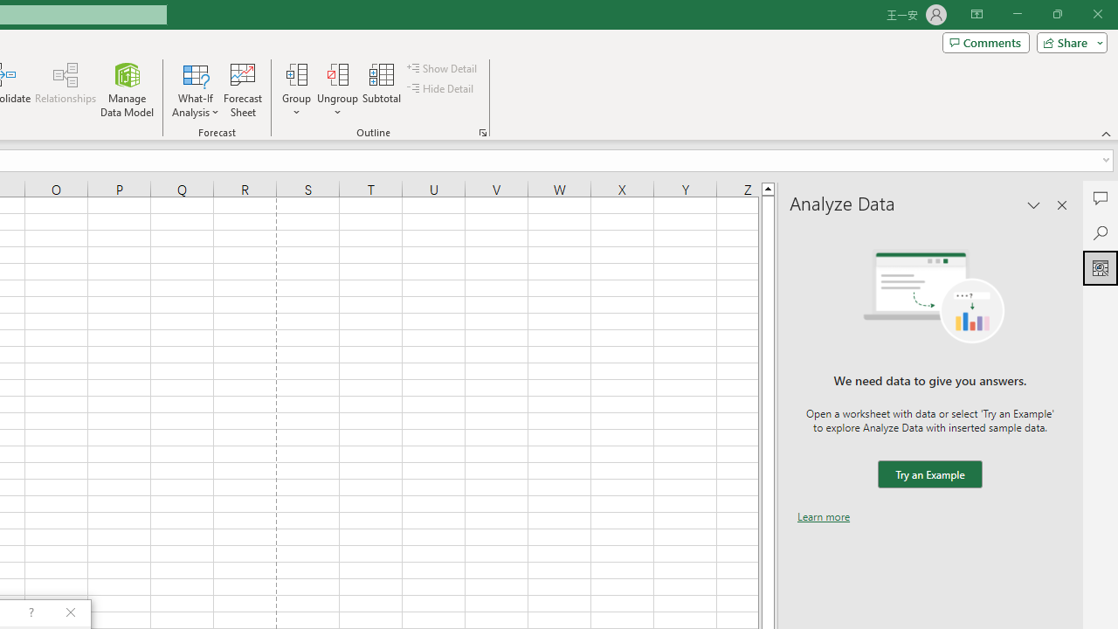  I want to click on 'Line up', so click(768, 188).